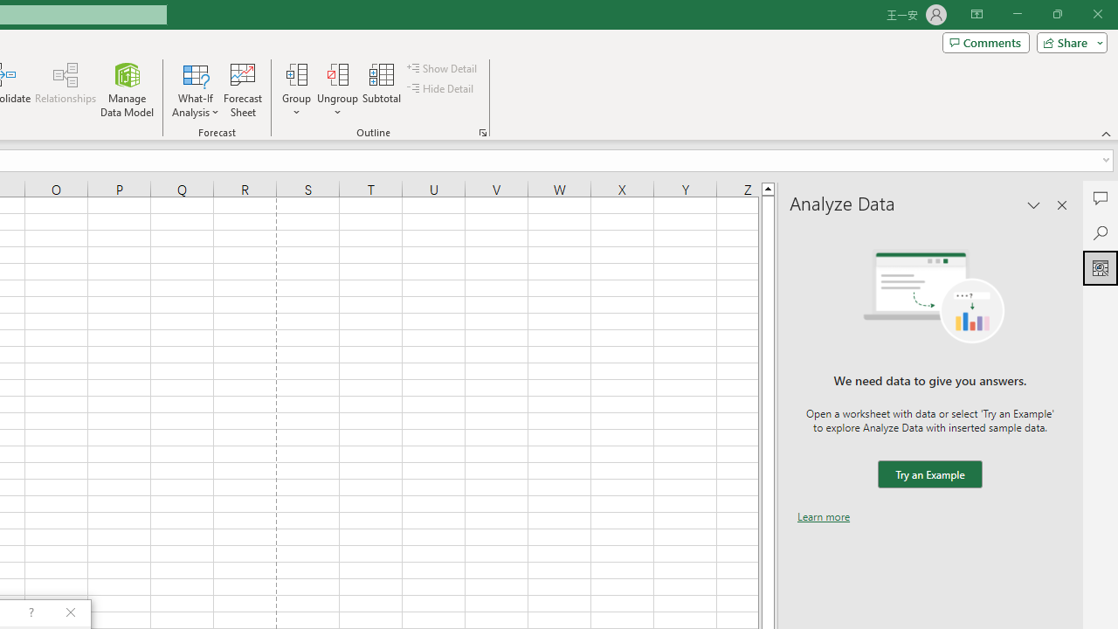  I want to click on 'Line up', so click(768, 188).